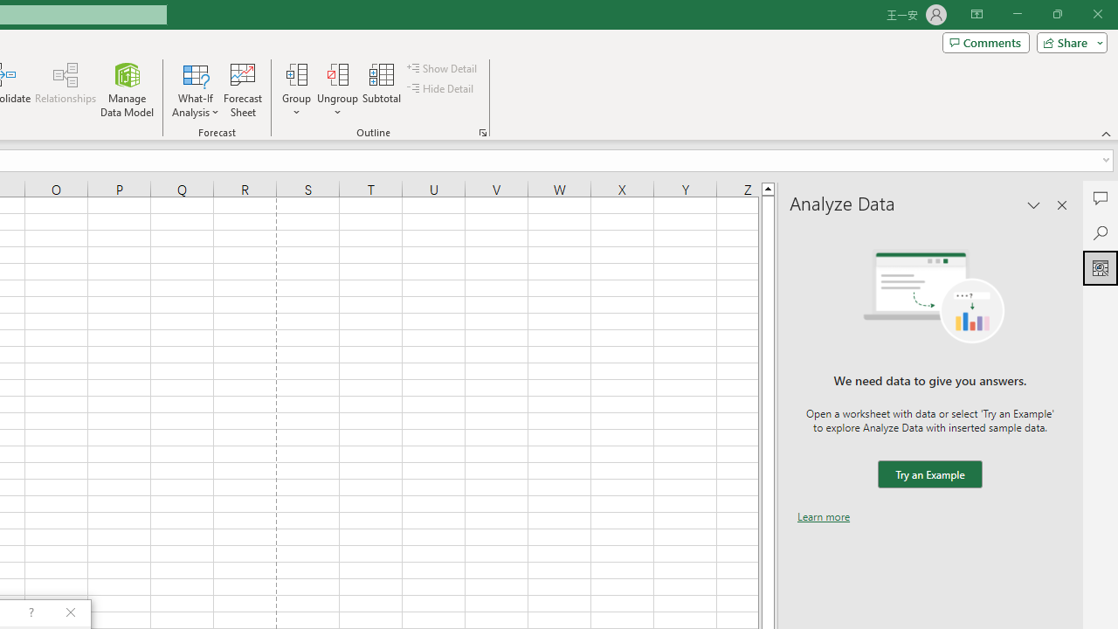  I want to click on 'Line up', so click(768, 188).